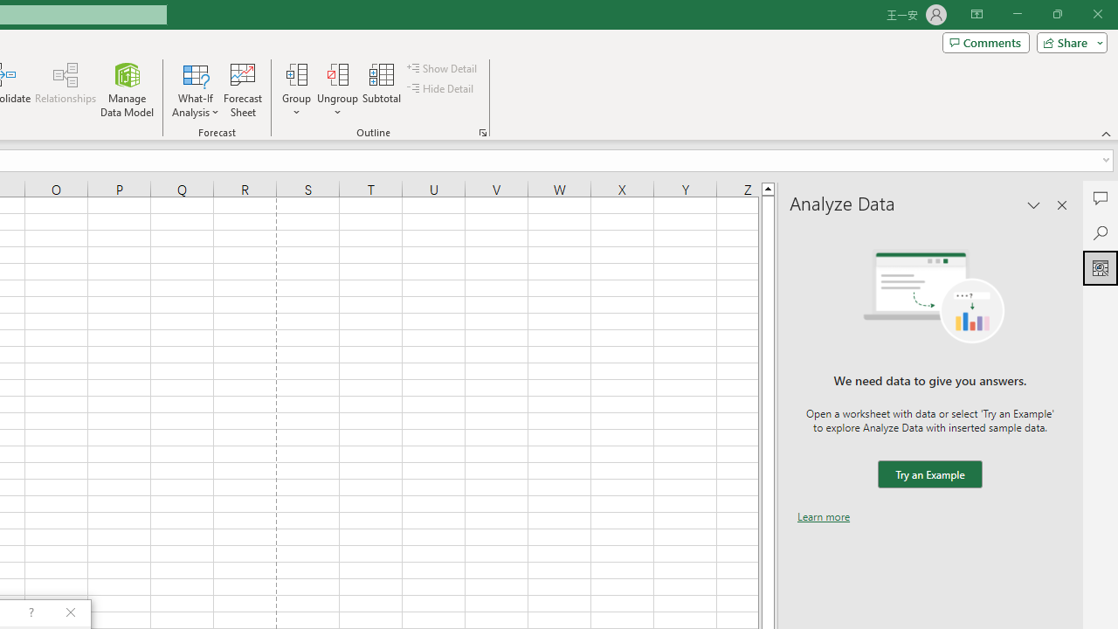  I want to click on 'Line up', so click(768, 188).